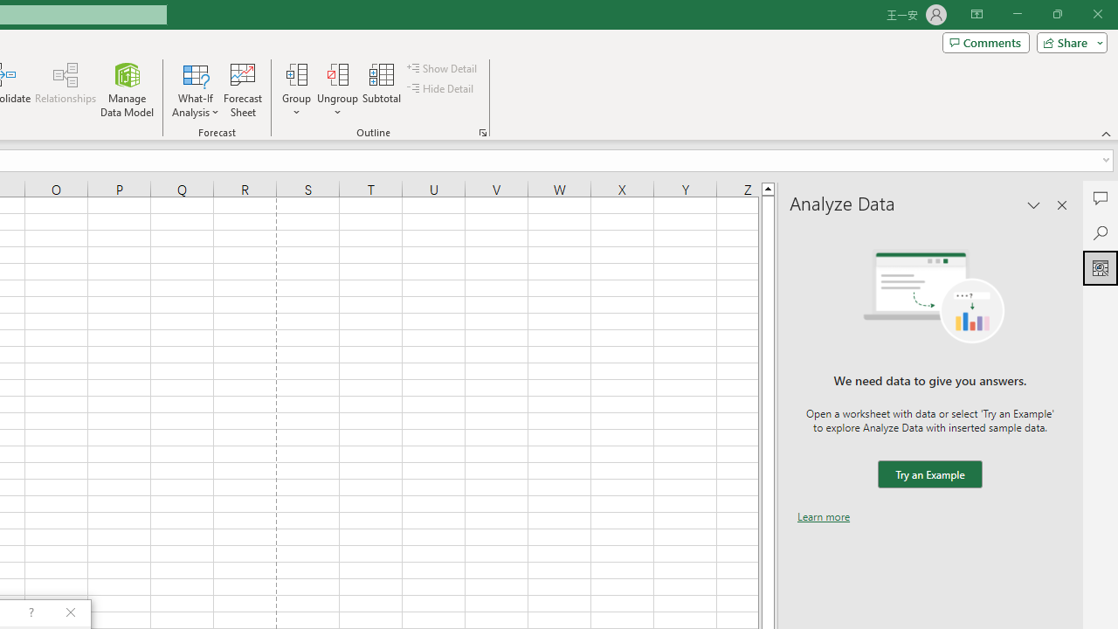  I want to click on 'Line up', so click(768, 188).